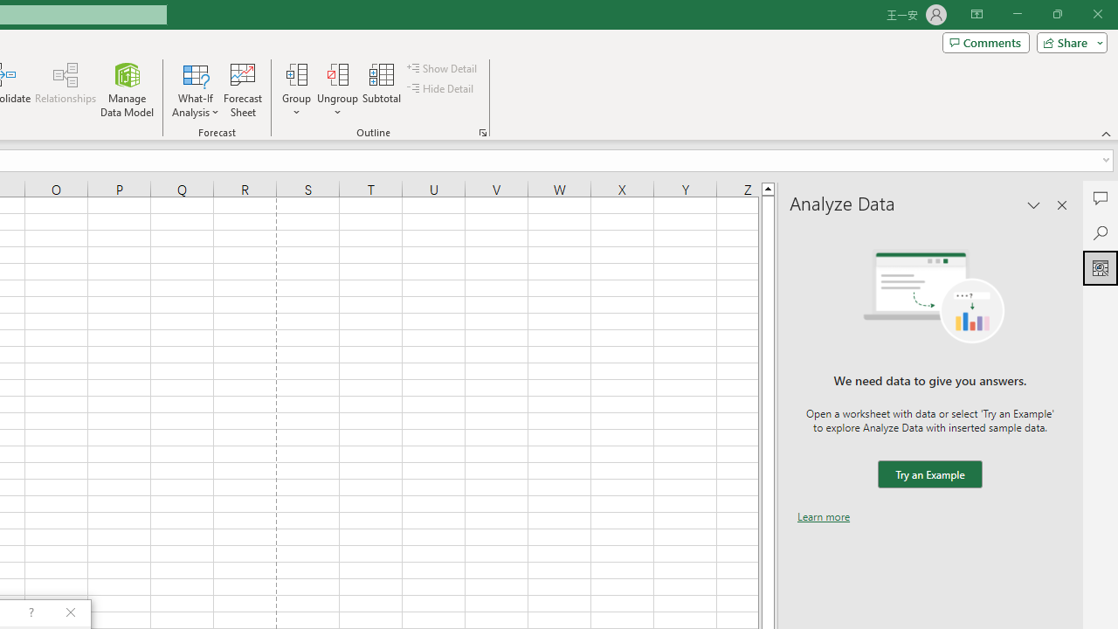  I want to click on 'Line up', so click(768, 188).